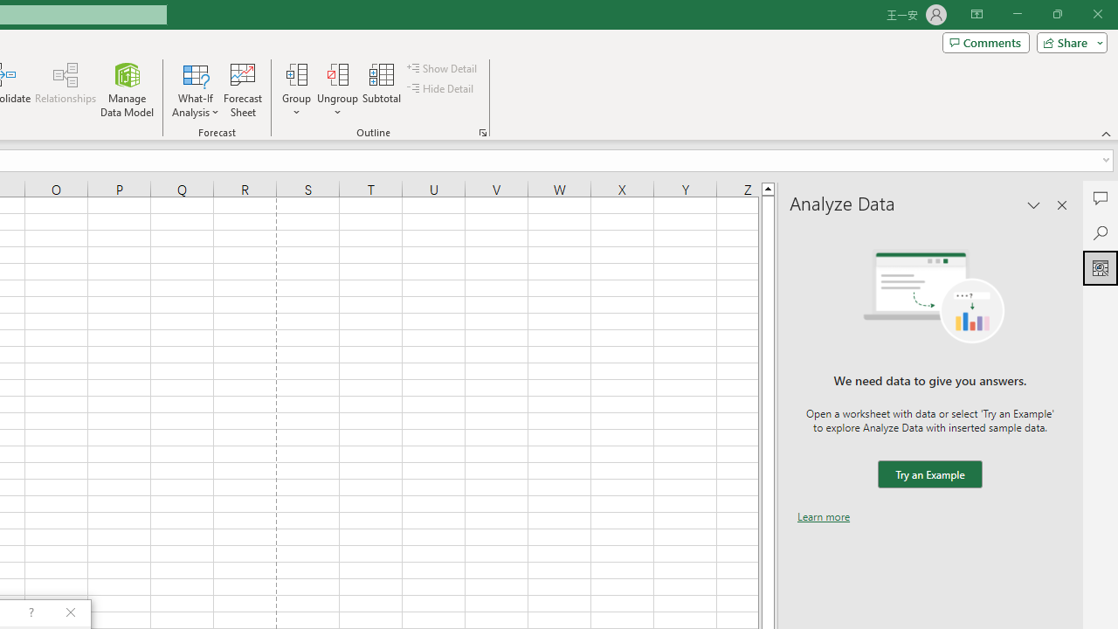  I want to click on 'Line up', so click(768, 188).